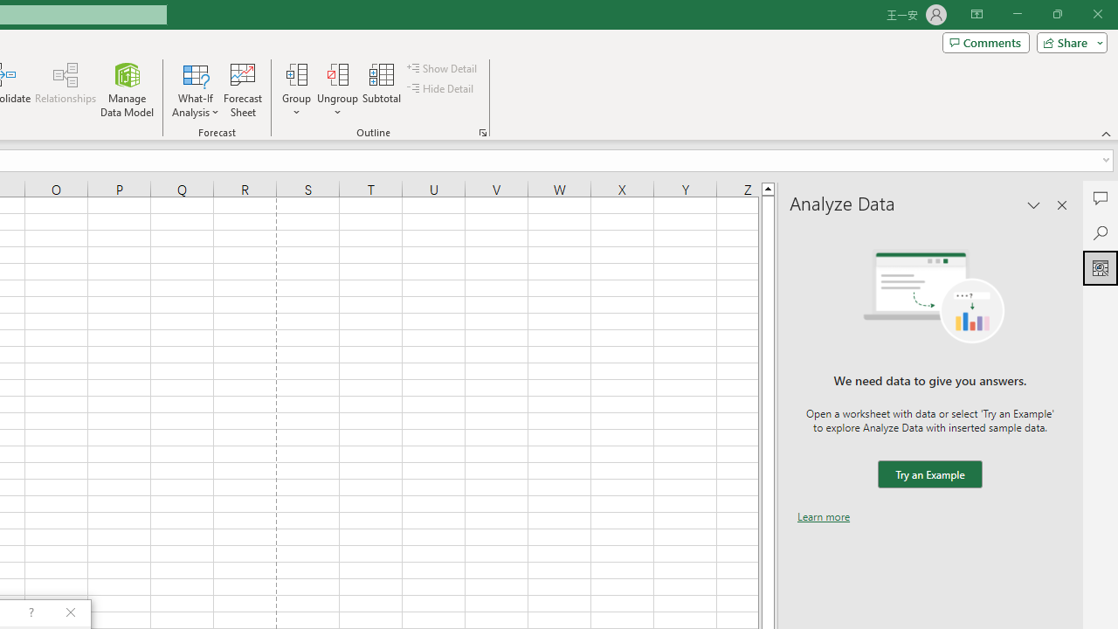  I want to click on 'Line up', so click(768, 188).